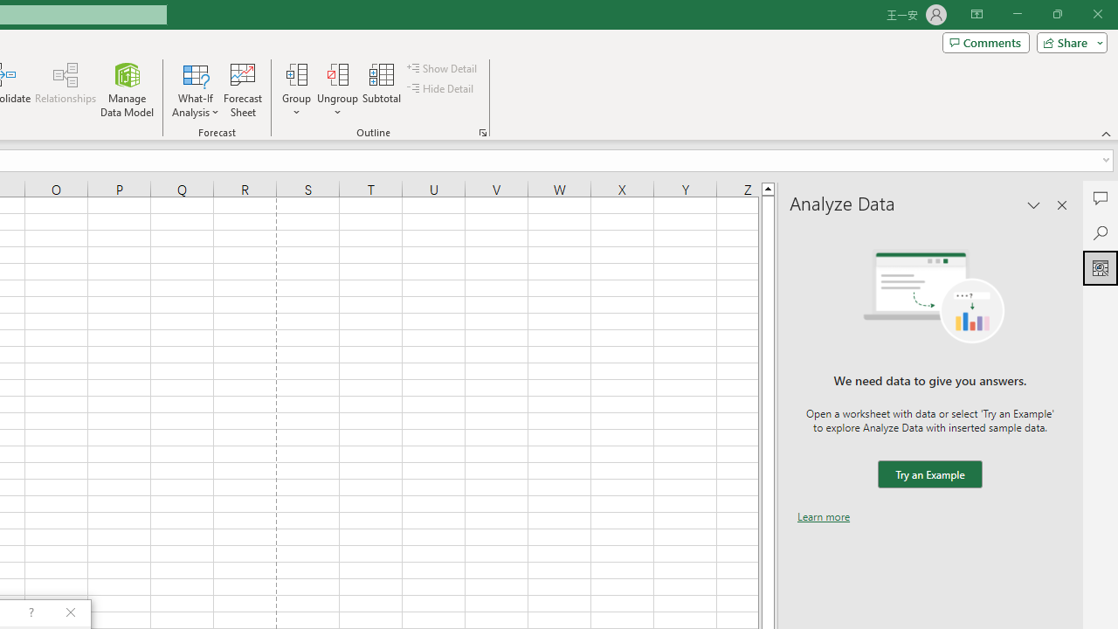  I want to click on 'Line up', so click(768, 188).